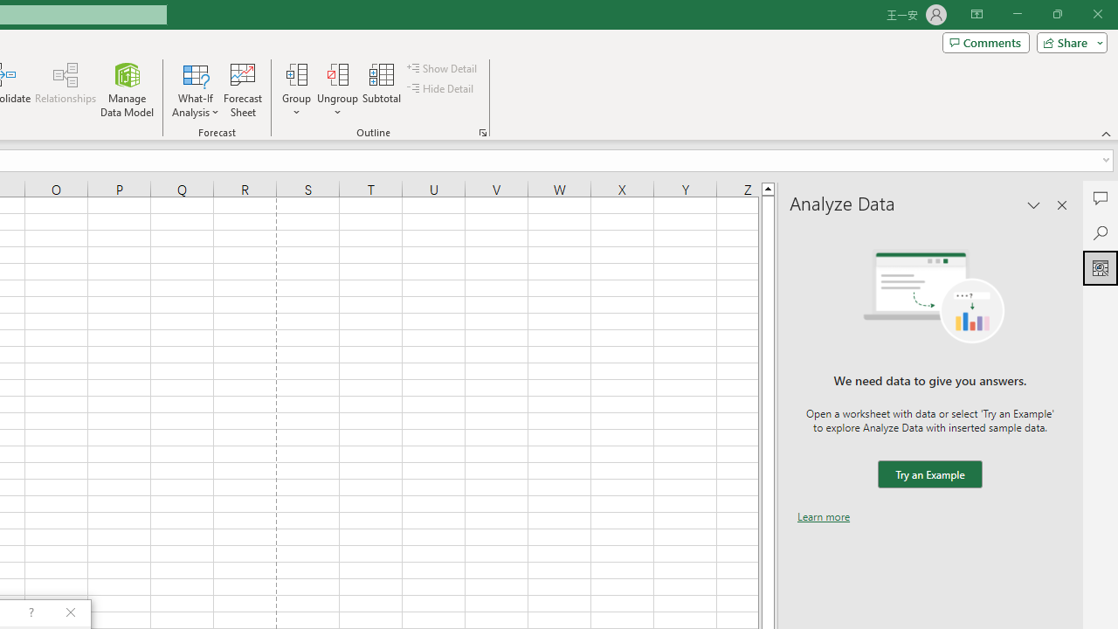  I want to click on 'Line up', so click(768, 188).